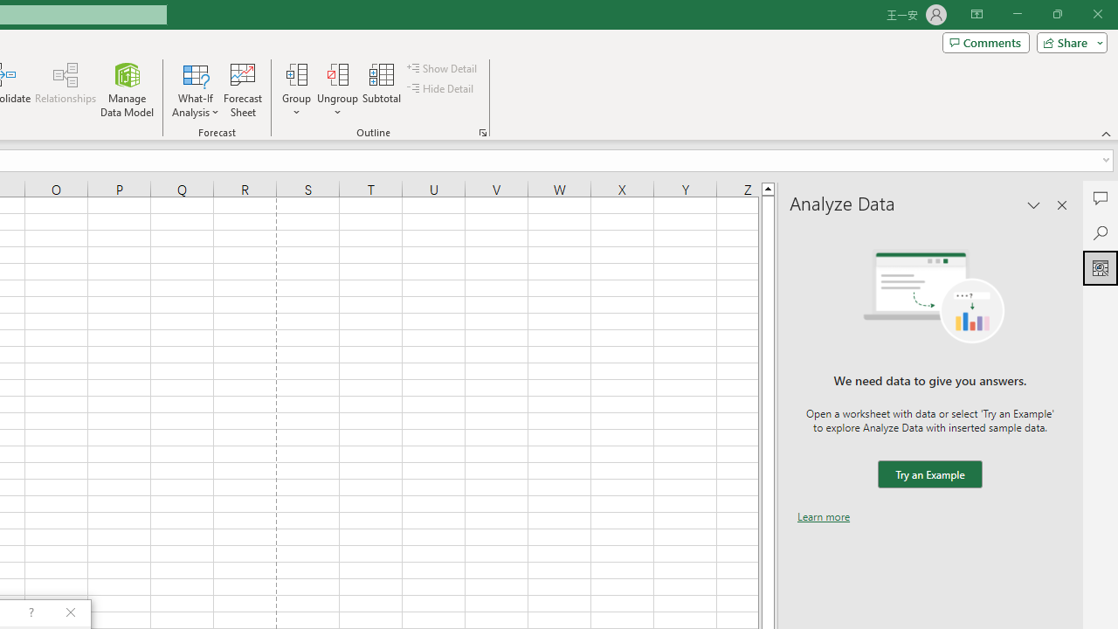  I want to click on 'Line up', so click(768, 188).